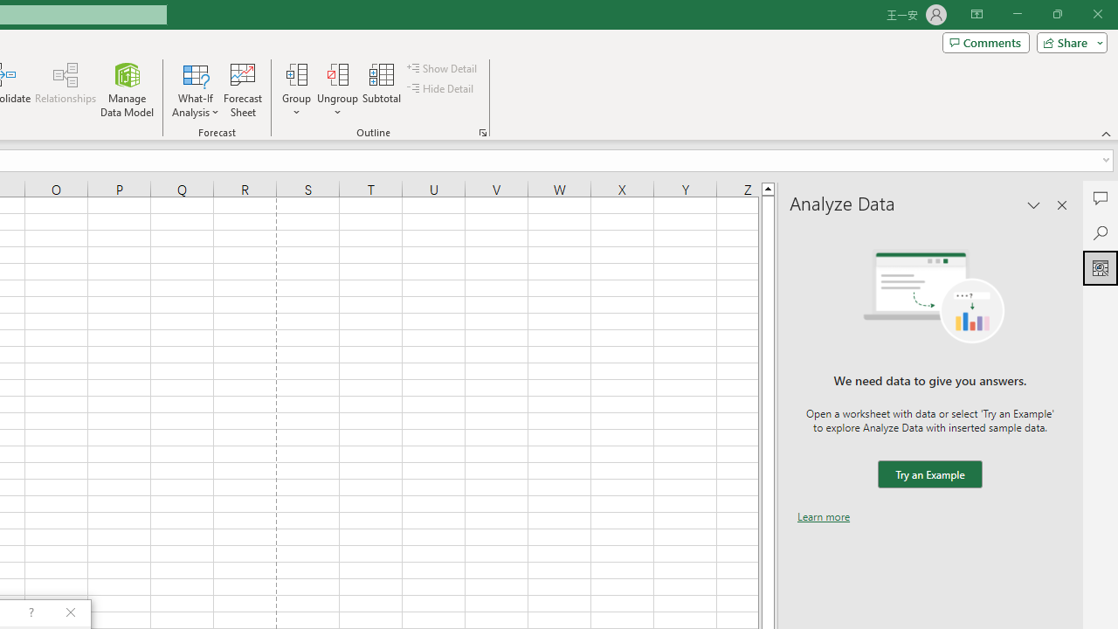  I want to click on 'Line up', so click(768, 188).